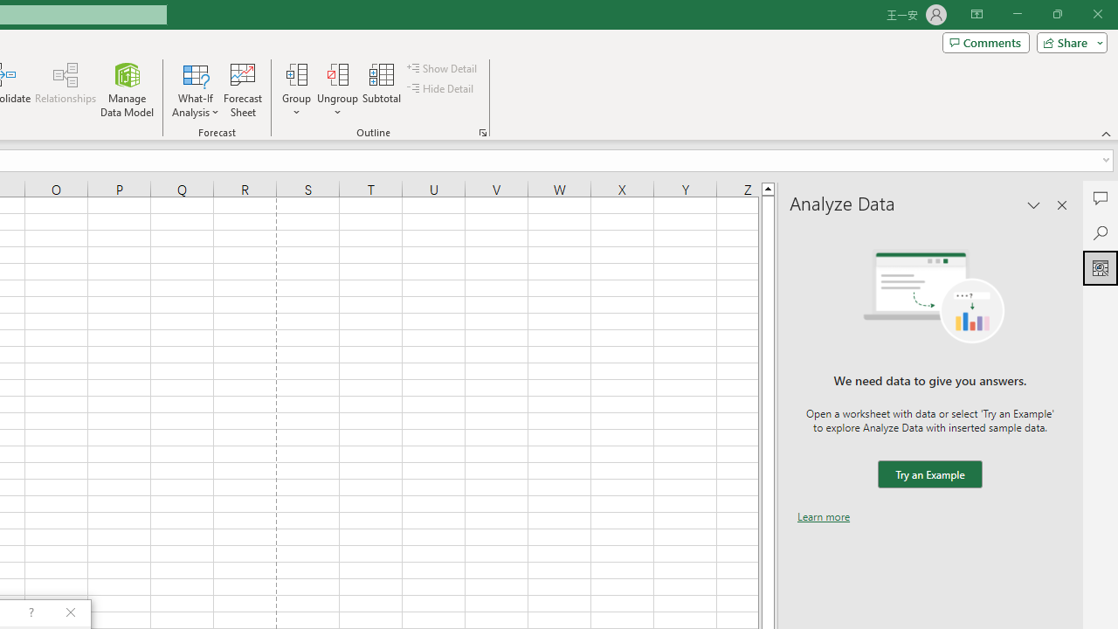  I want to click on 'Line up', so click(768, 188).